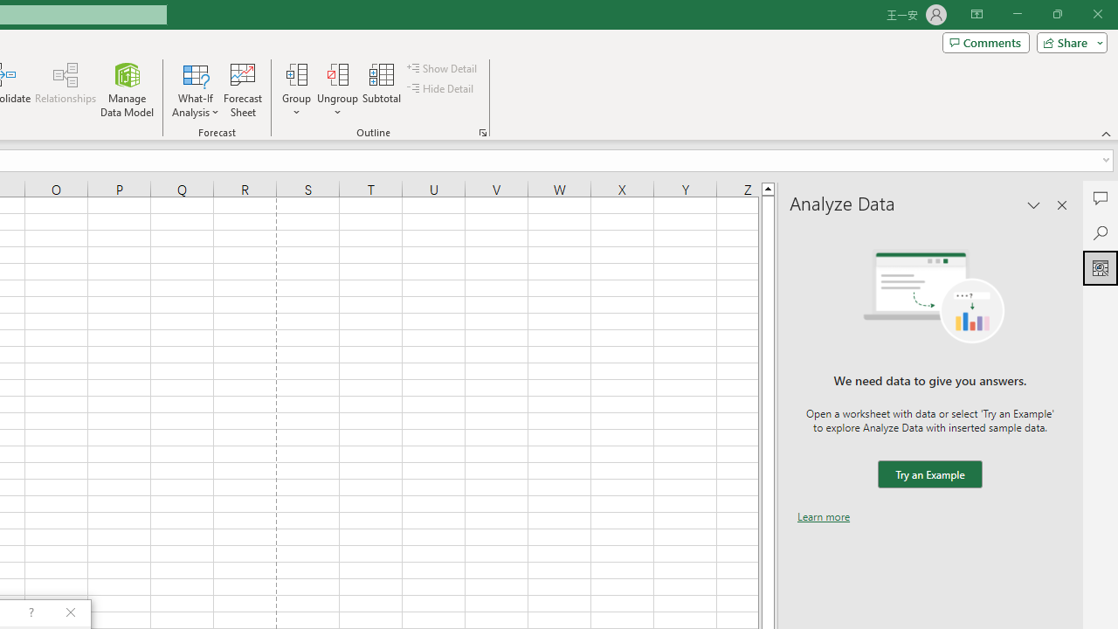  I want to click on 'Line up', so click(768, 188).